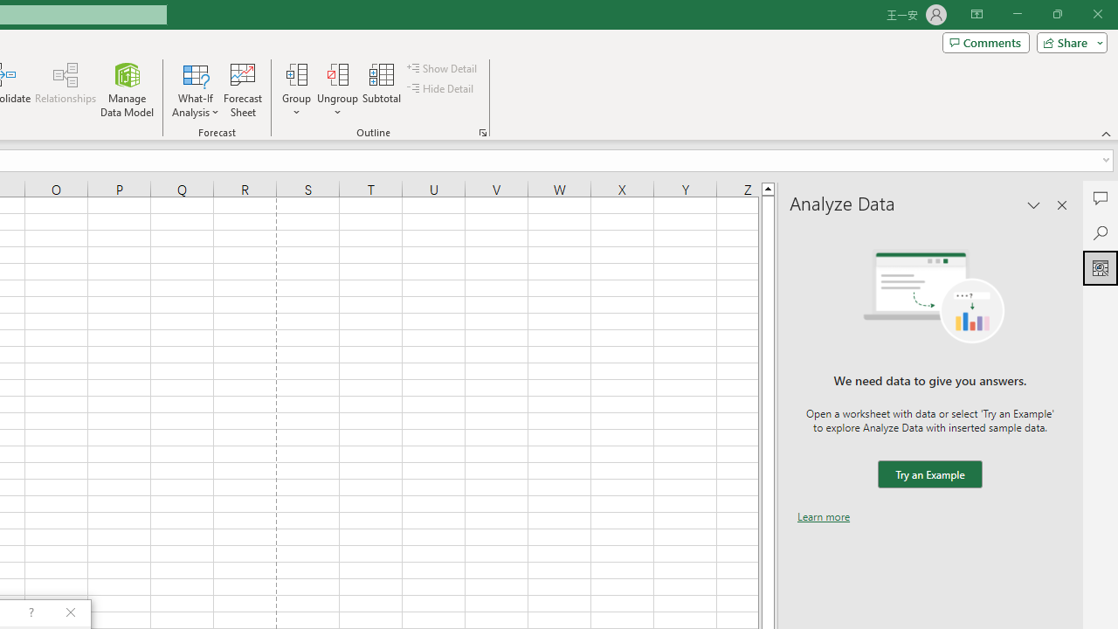  I want to click on 'Line up', so click(768, 188).